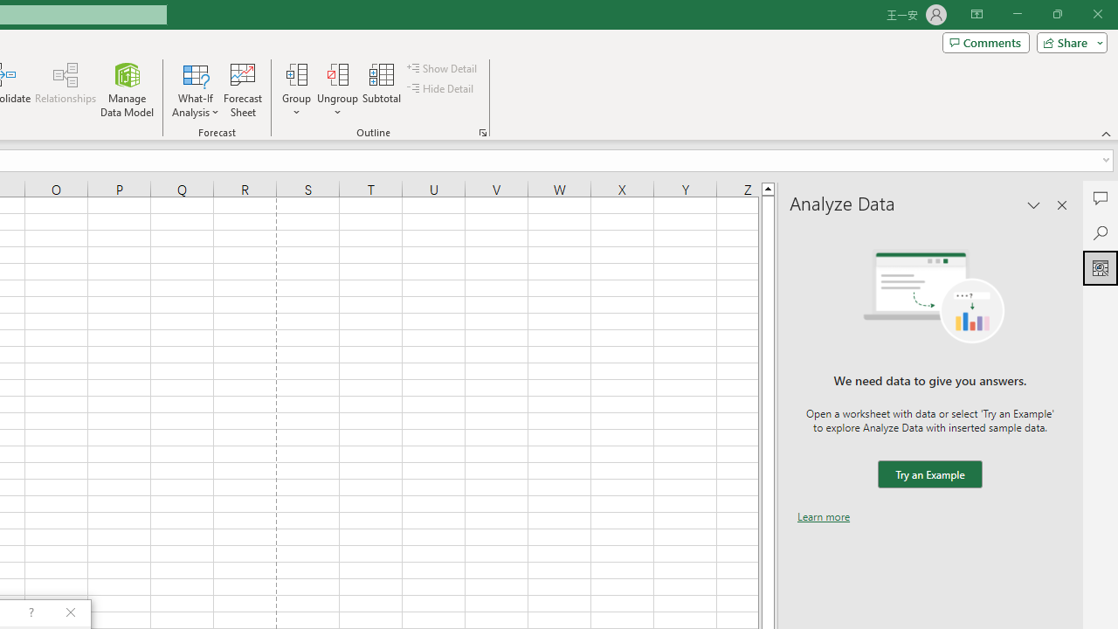  I want to click on 'Line up', so click(768, 188).